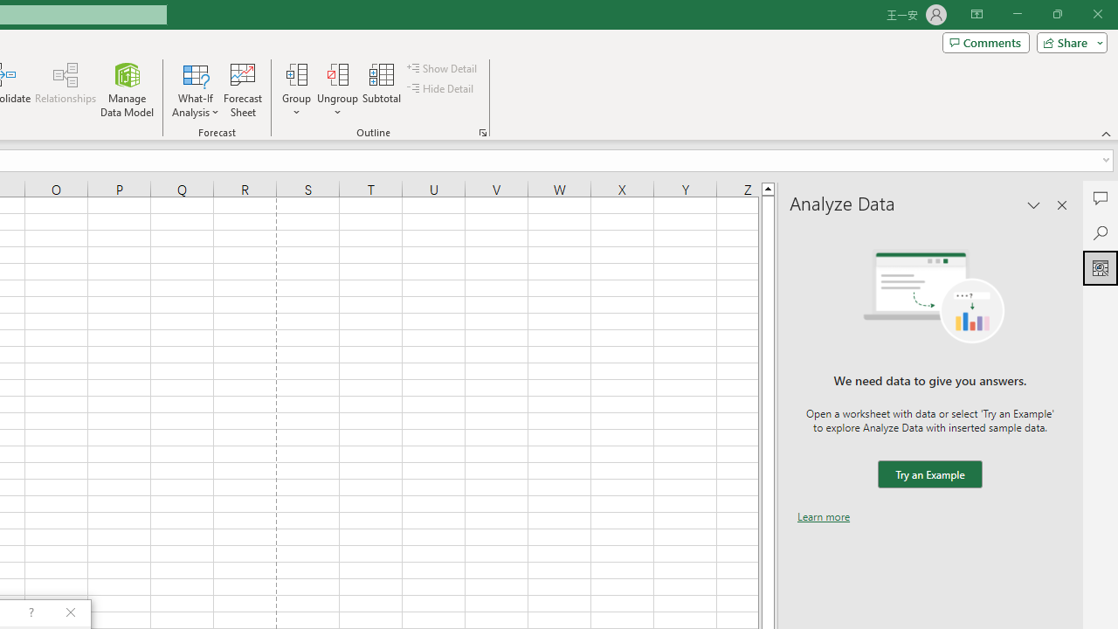  I want to click on 'Line up', so click(768, 188).